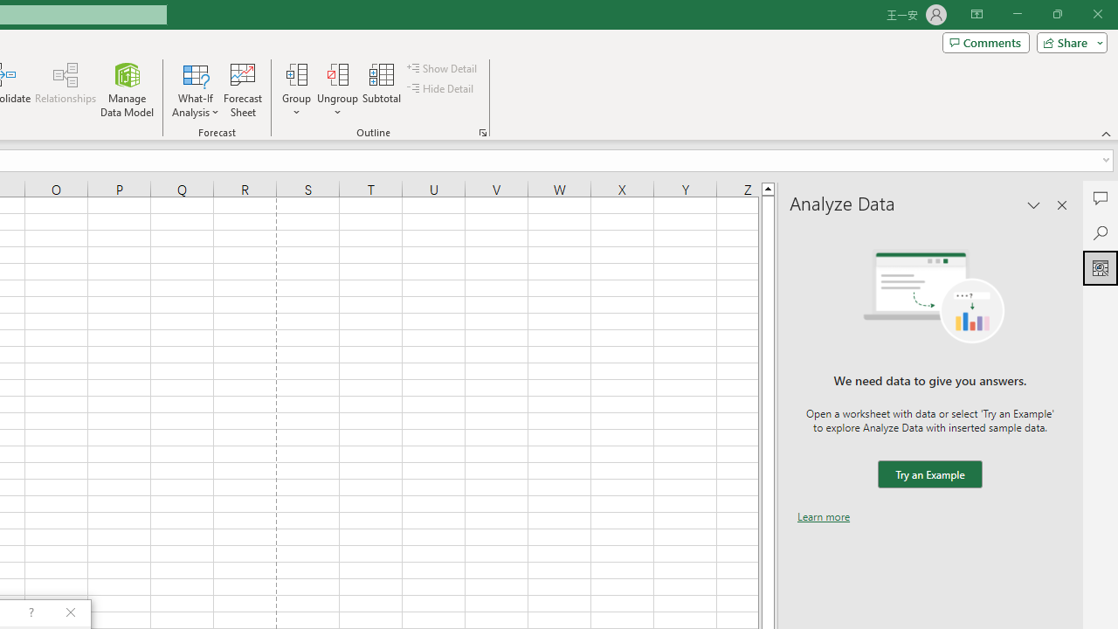  I want to click on 'Line up', so click(768, 188).